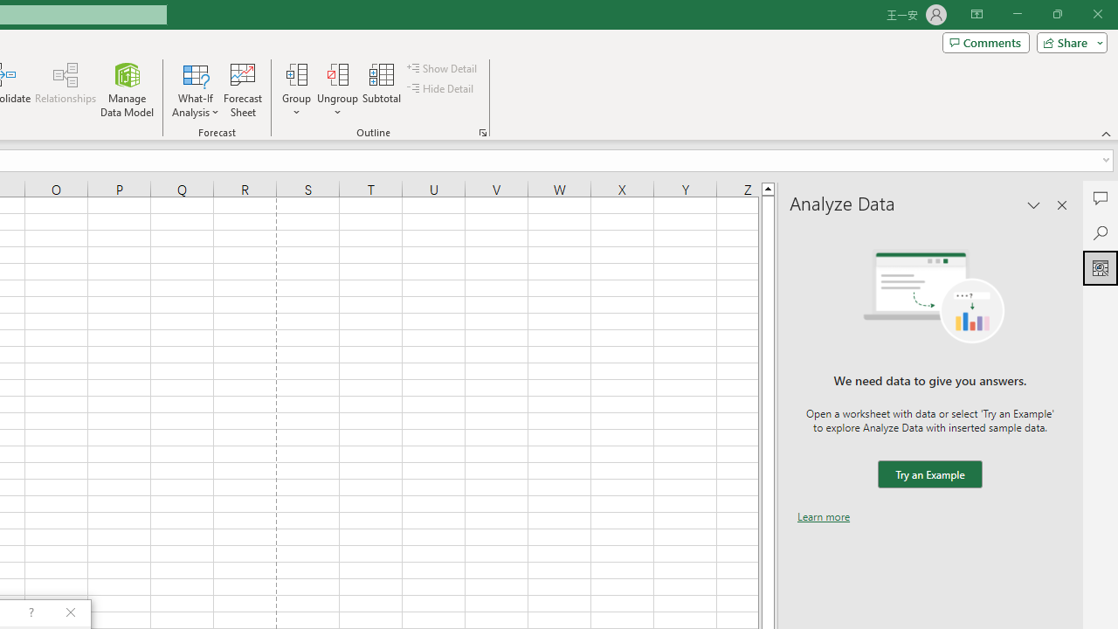  I want to click on 'Line up', so click(768, 188).